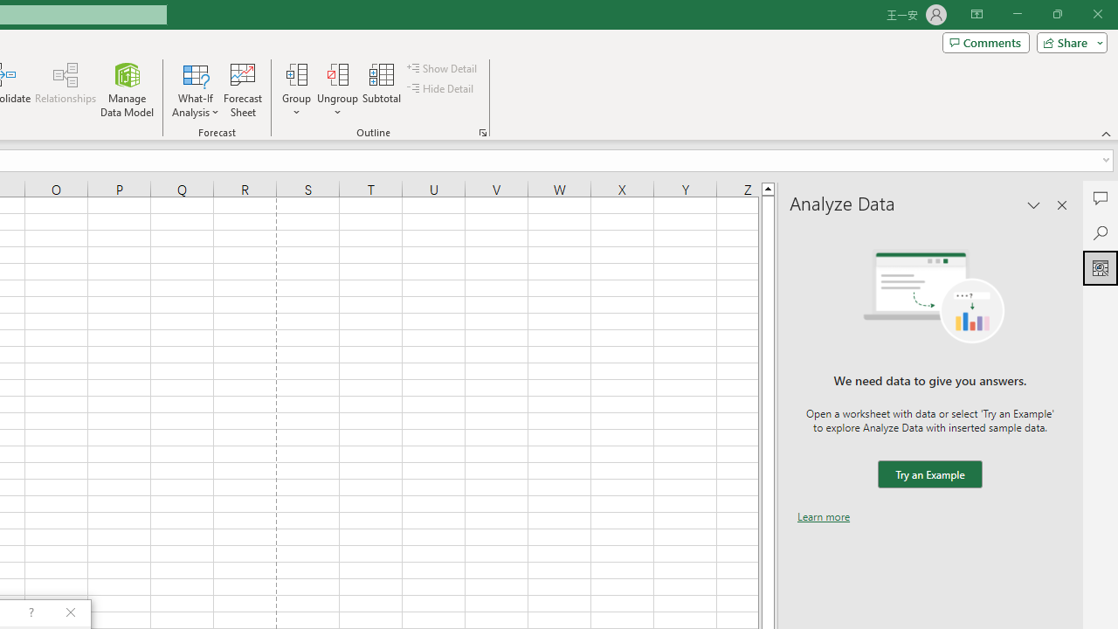  I want to click on 'Line up', so click(768, 188).